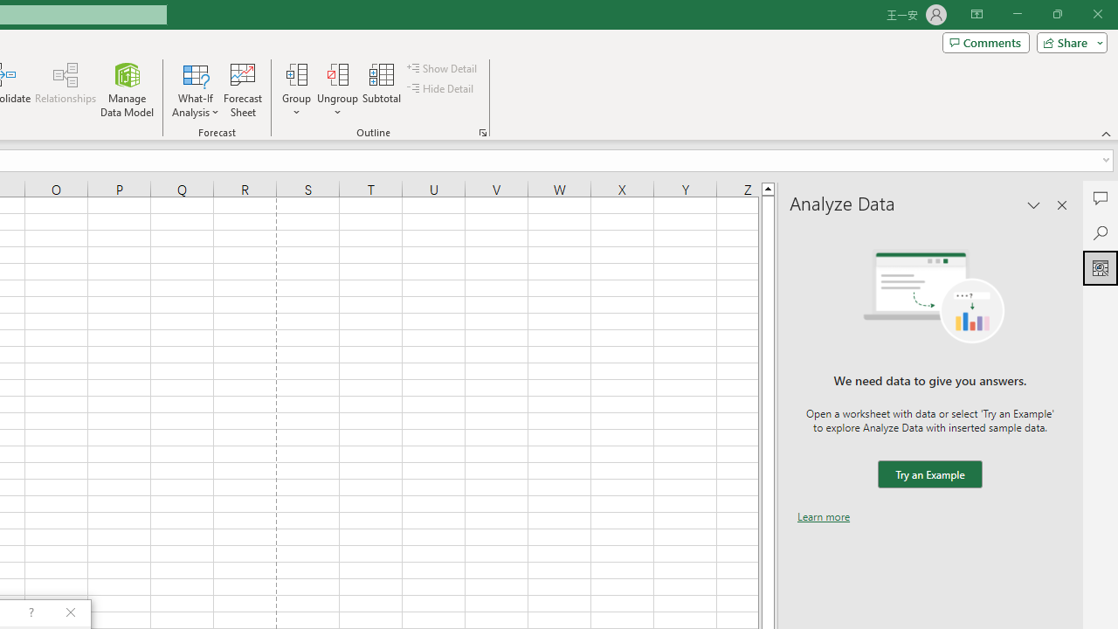  I want to click on 'Line up', so click(768, 188).